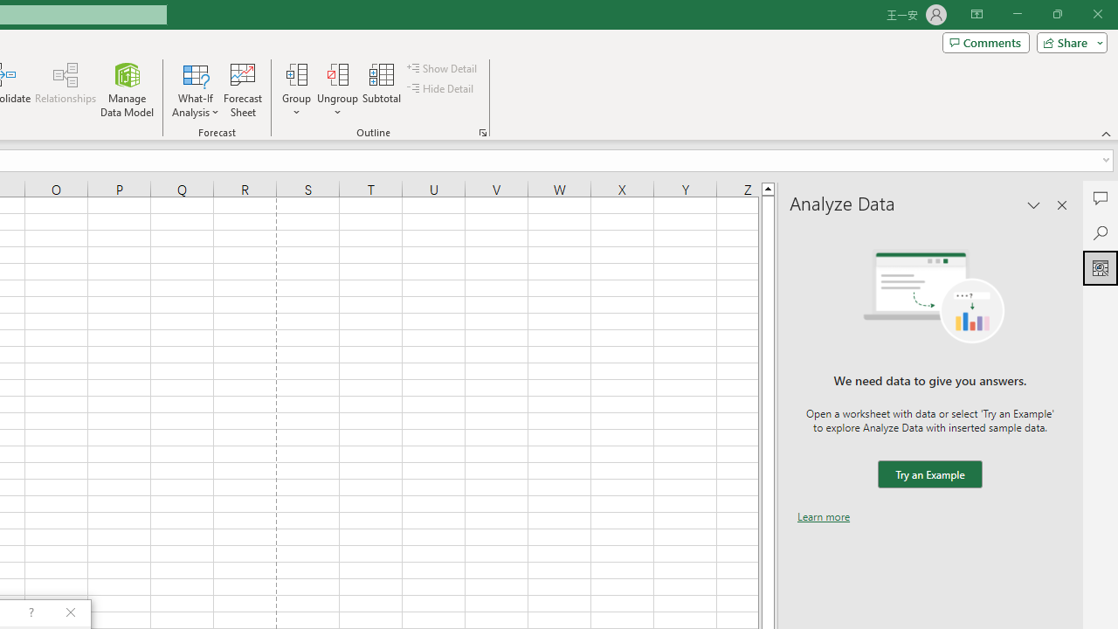  I want to click on 'Line up', so click(768, 188).